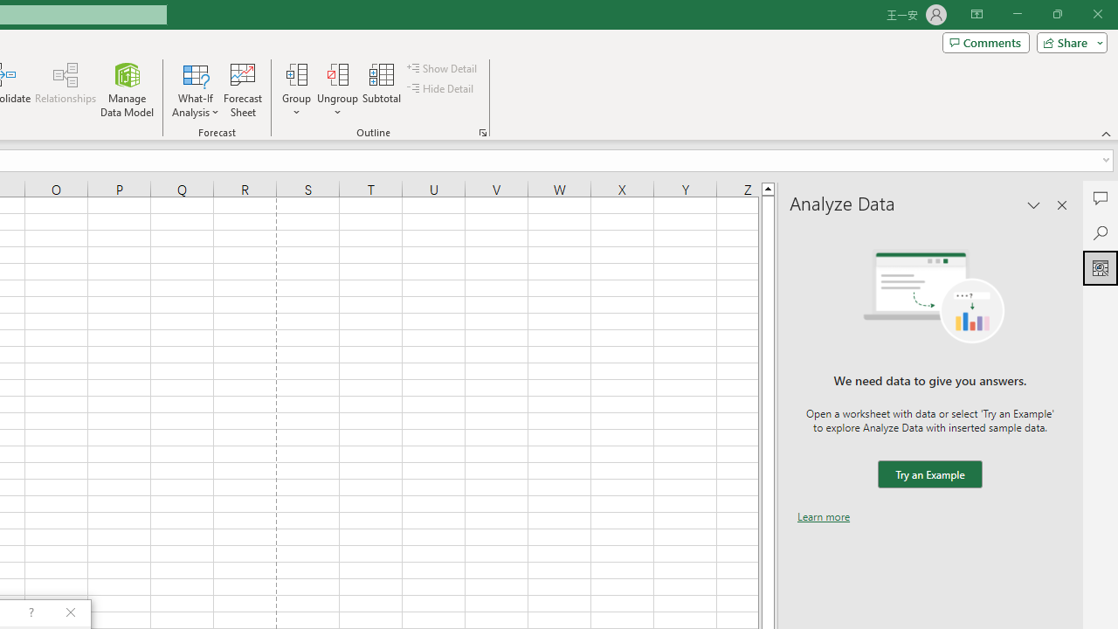  I want to click on 'Line up', so click(768, 188).